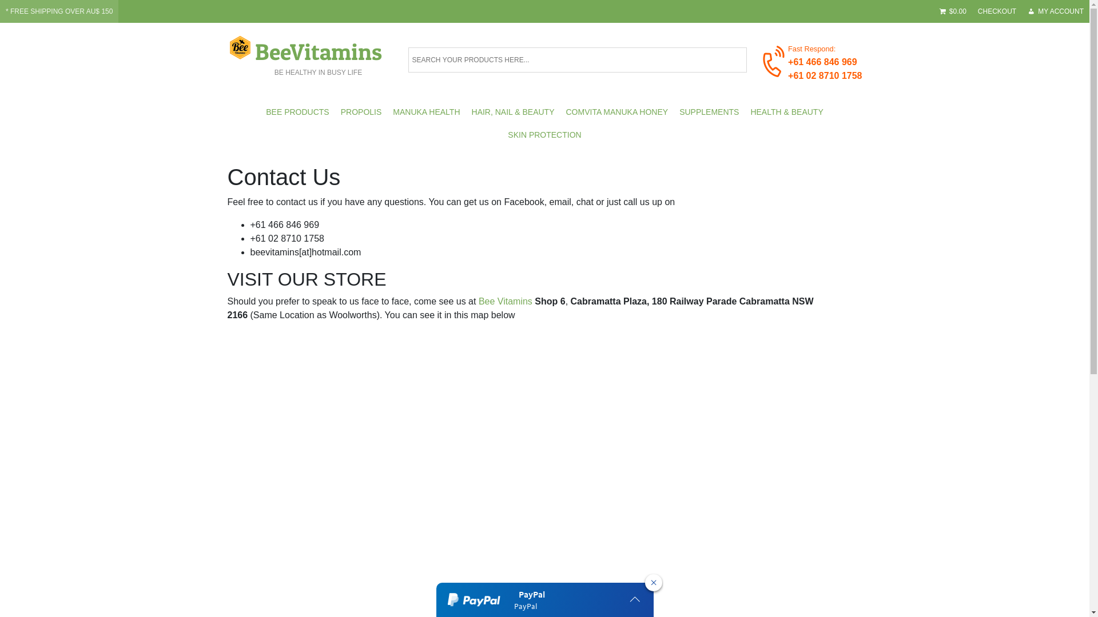  Describe the element at coordinates (616, 112) in the screenshot. I see `'COMVITA MANUKA HONEY'` at that location.